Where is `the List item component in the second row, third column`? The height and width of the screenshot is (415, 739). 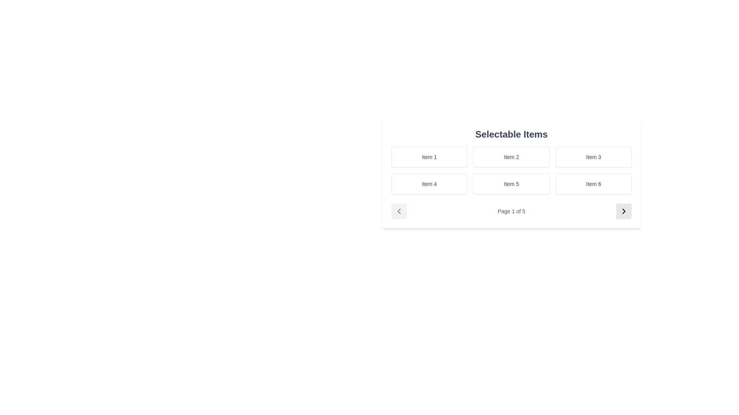
the List item component in the second row, third column is located at coordinates (593, 184).